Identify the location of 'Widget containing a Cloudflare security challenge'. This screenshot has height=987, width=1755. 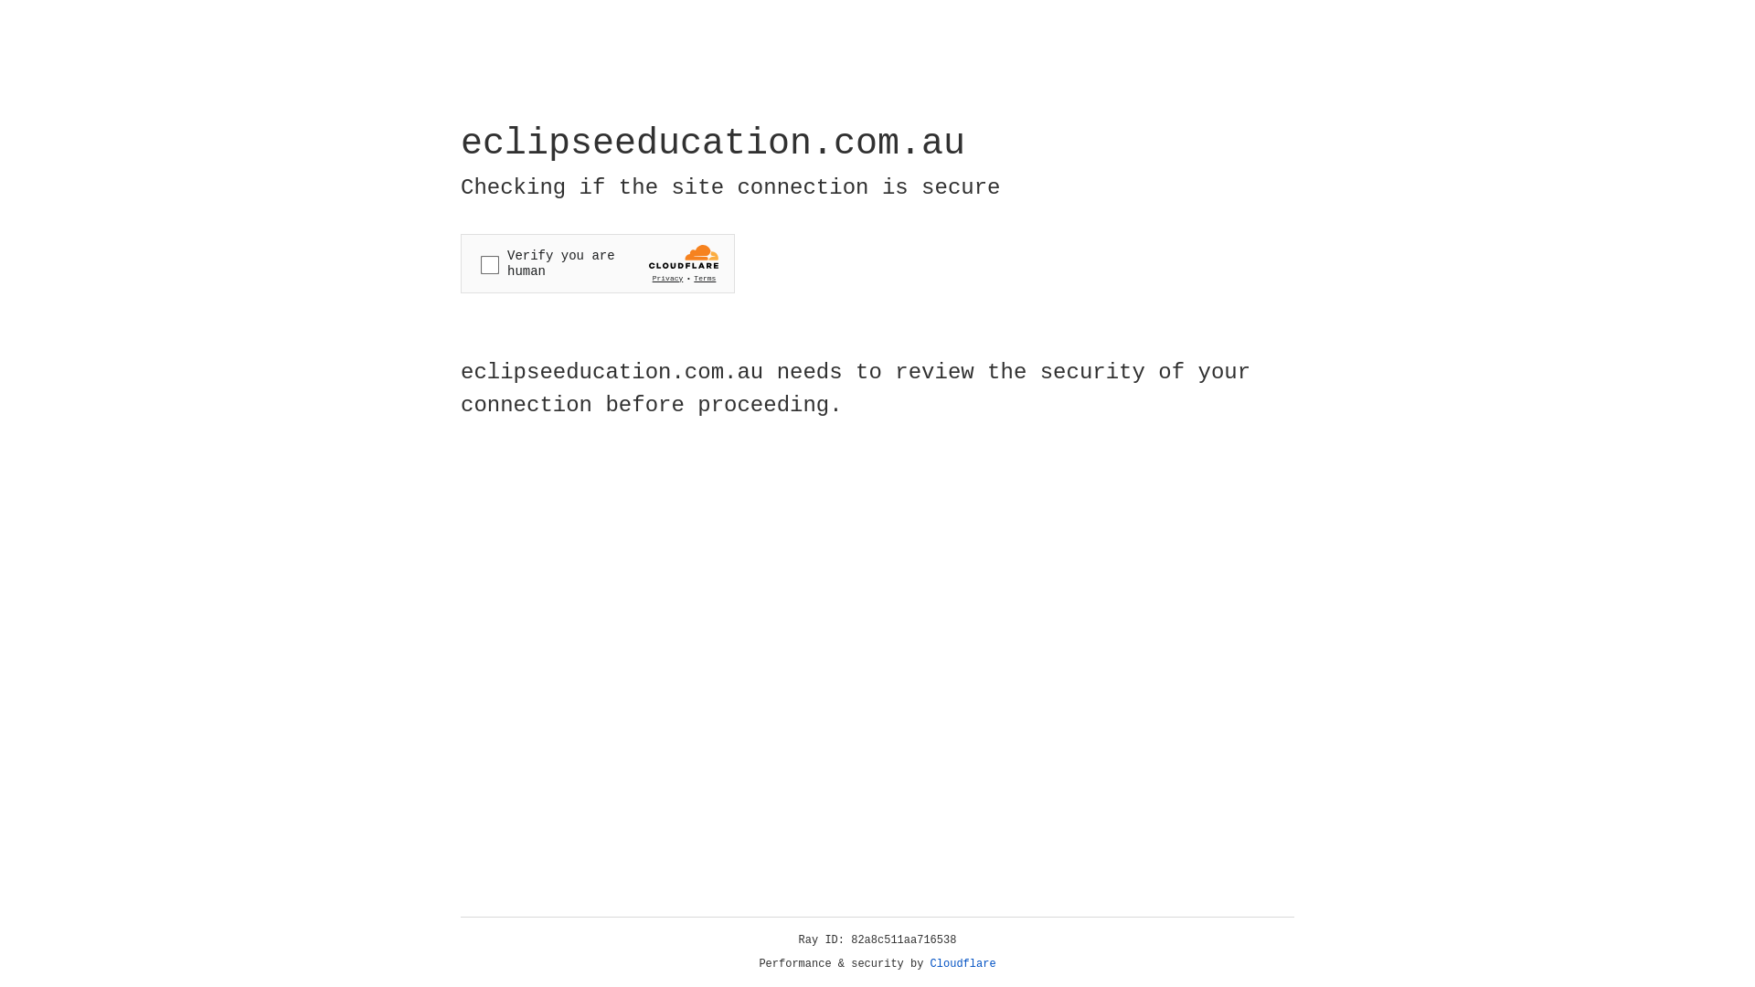
(597, 263).